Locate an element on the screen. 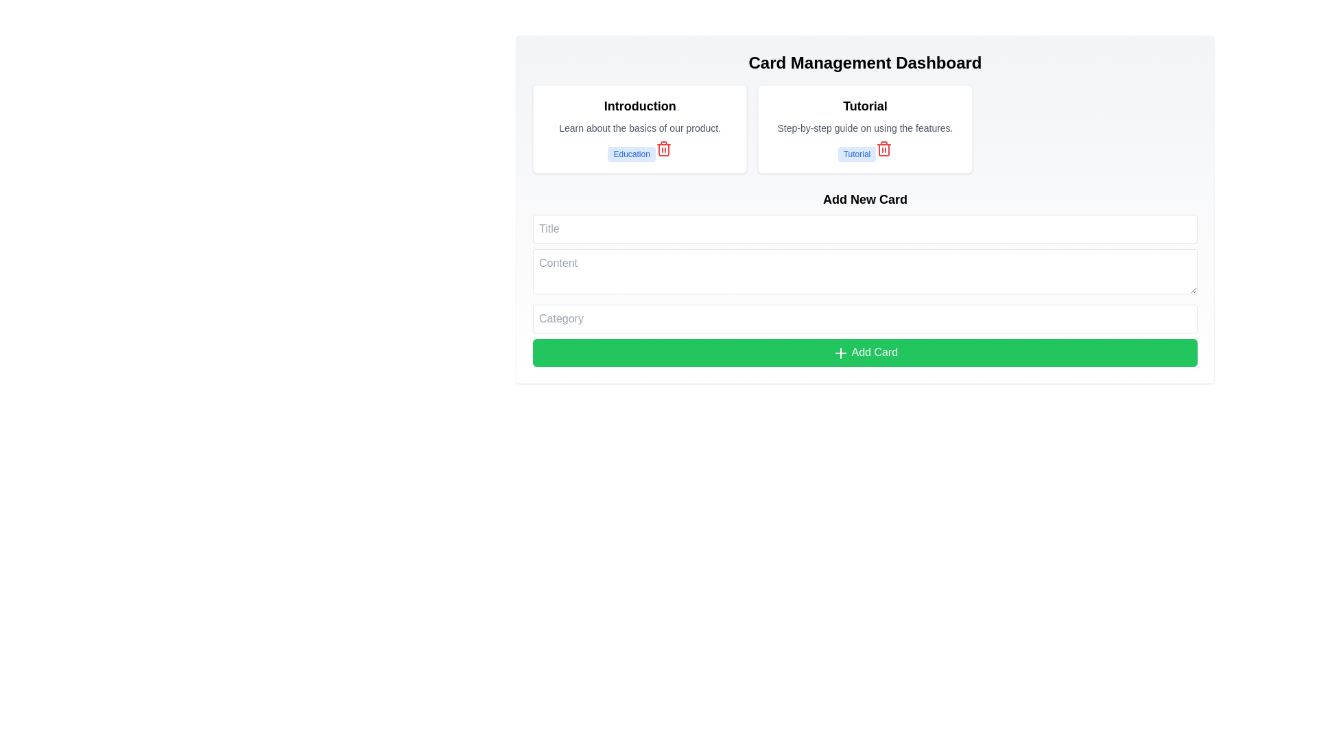 The width and height of the screenshot is (1317, 741). the text label reading 'Step-by-step guide on using the features.' which is styled with a smaller gray font and located beneath the 'Tutorial' heading is located at coordinates (864, 128).